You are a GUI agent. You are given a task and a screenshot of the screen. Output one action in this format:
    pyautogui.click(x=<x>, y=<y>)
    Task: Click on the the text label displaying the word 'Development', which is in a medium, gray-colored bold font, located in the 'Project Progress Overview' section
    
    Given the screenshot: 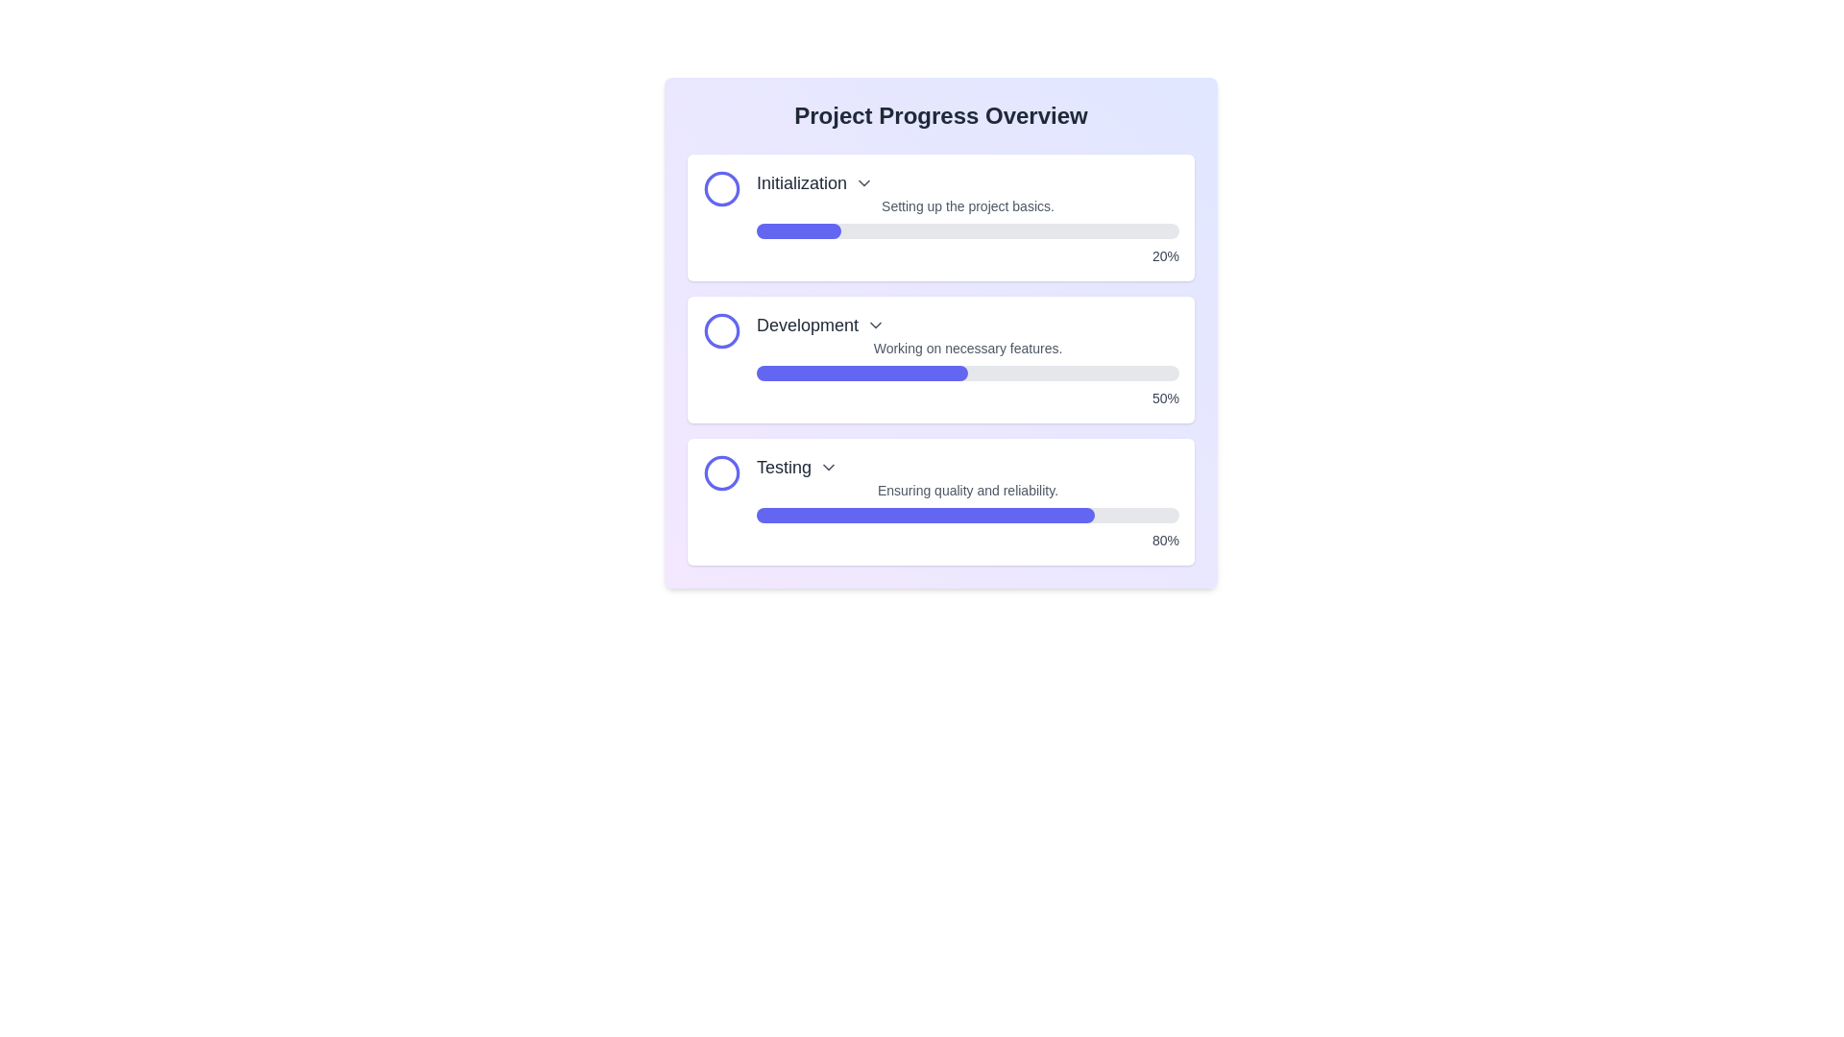 What is the action you would take?
    pyautogui.click(x=807, y=325)
    